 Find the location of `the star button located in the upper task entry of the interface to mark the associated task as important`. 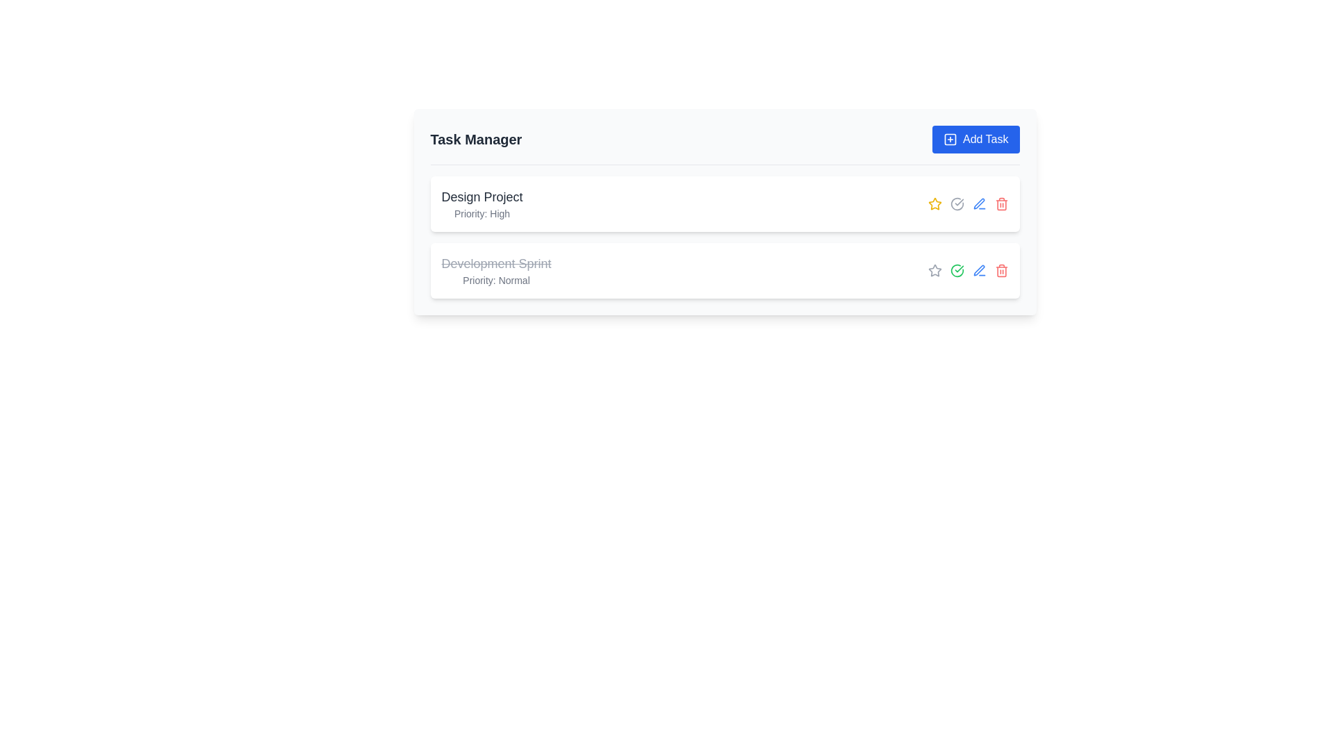

the star button located in the upper task entry of the interface to mark the associated task as important is located at coordinates (934, 203).